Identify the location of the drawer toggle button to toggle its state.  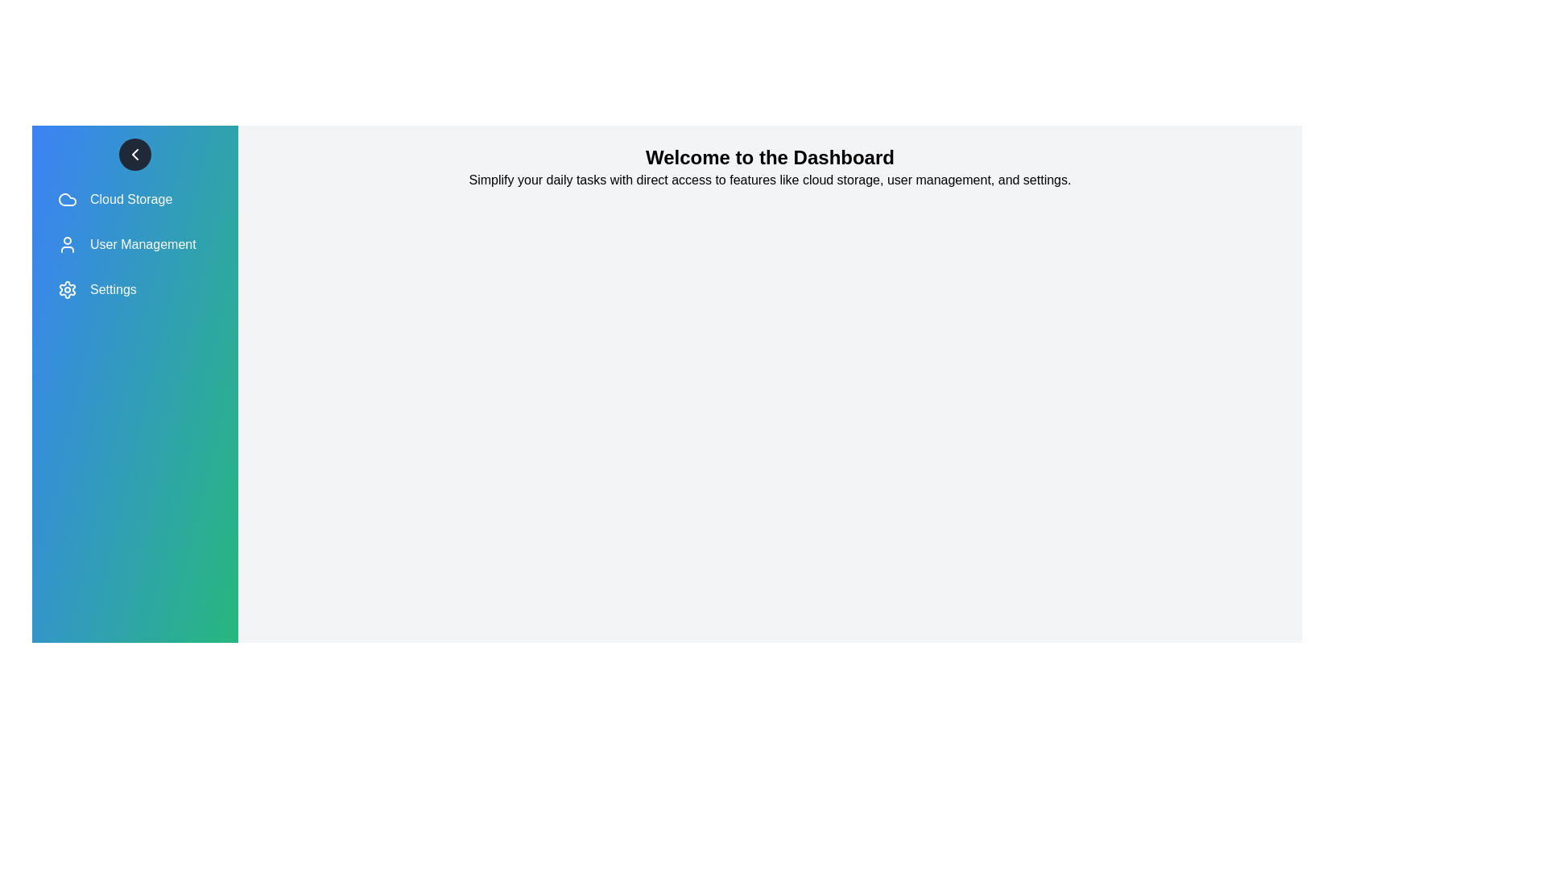
(135, 155).